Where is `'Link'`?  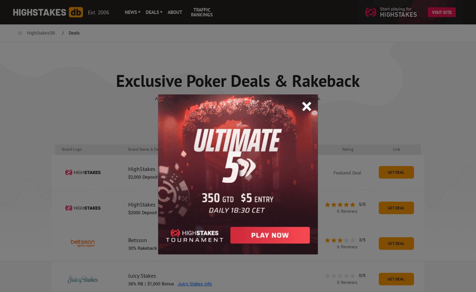 'Link' is located at coordinates (396, 149).